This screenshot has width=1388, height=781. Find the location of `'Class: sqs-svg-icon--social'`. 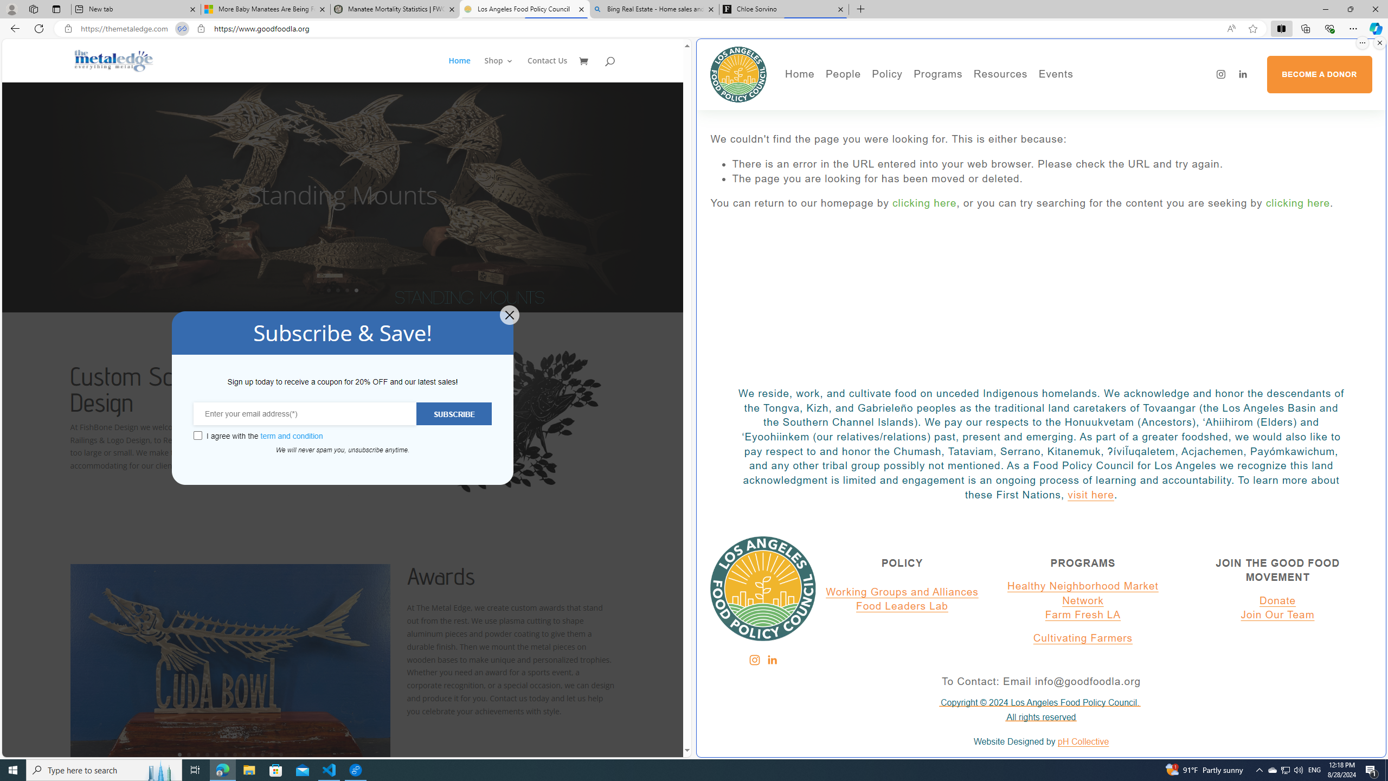

'Class: sqs-svg-icon--social' is located at coordinates (771, 660).